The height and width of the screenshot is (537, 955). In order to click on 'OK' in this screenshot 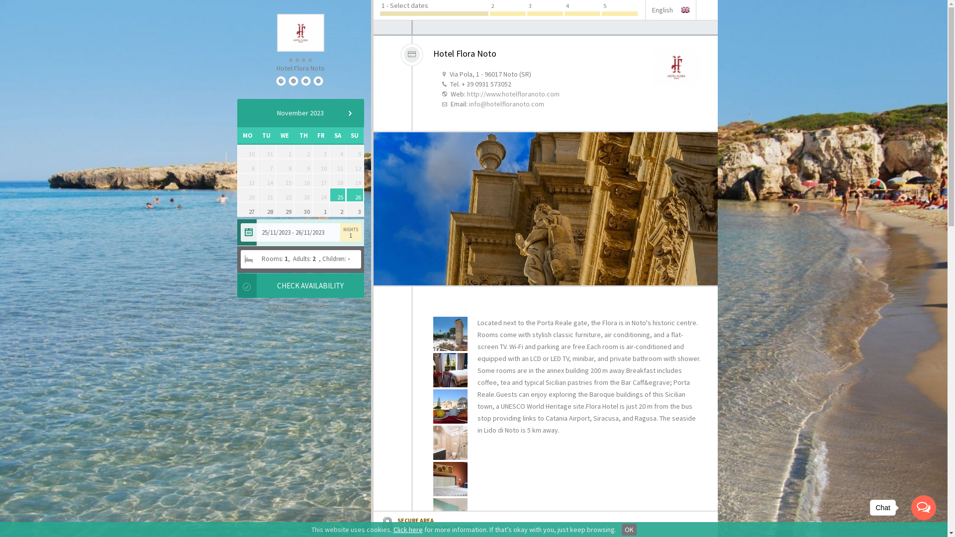, I will do `click(629, 529)`.